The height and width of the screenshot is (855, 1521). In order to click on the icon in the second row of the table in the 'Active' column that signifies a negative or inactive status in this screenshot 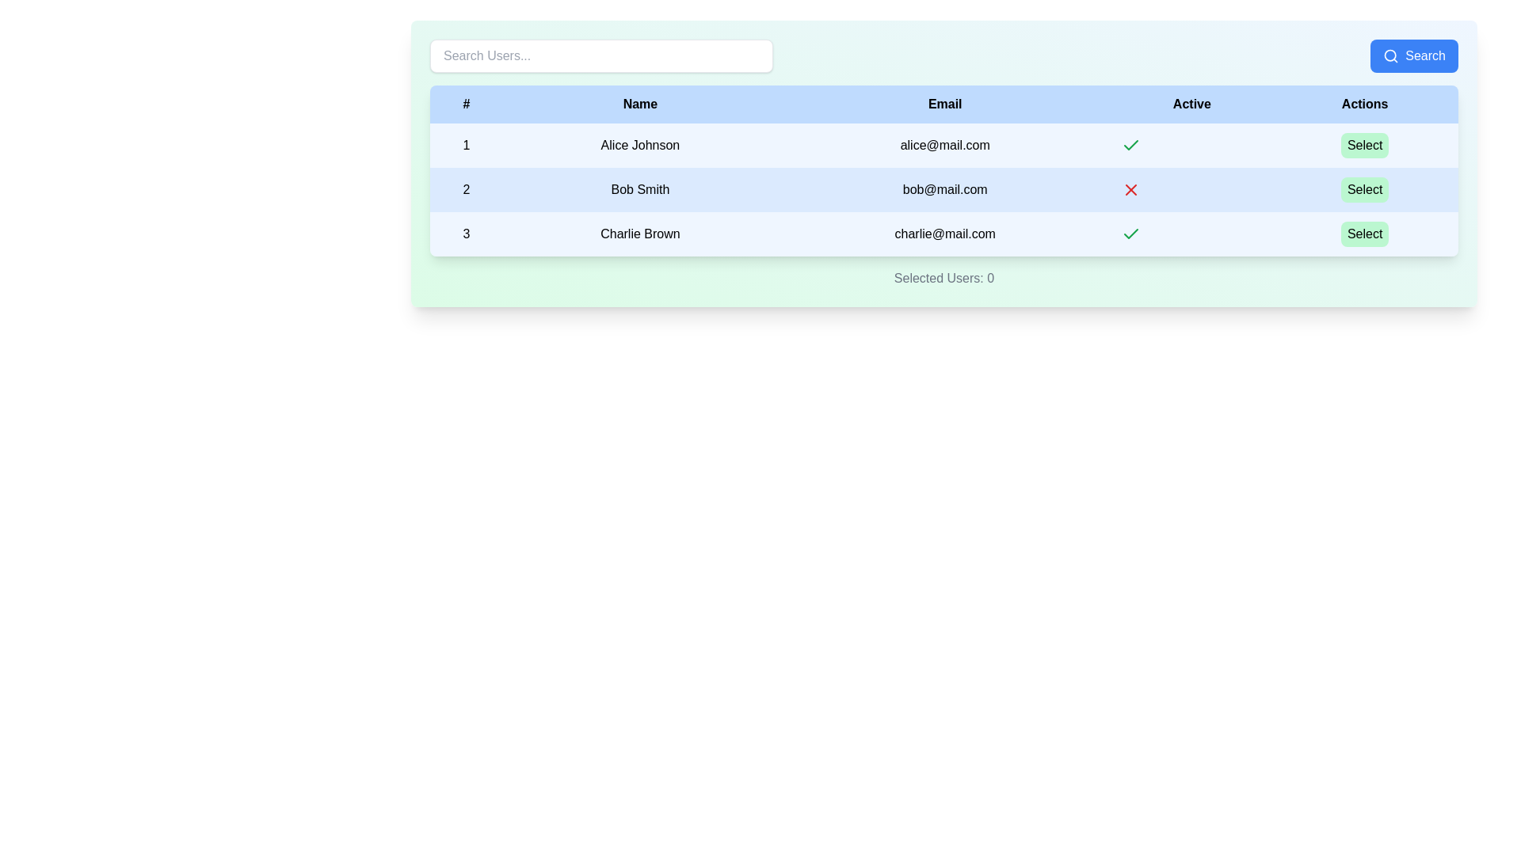, I will do `click(1130, 188)`.